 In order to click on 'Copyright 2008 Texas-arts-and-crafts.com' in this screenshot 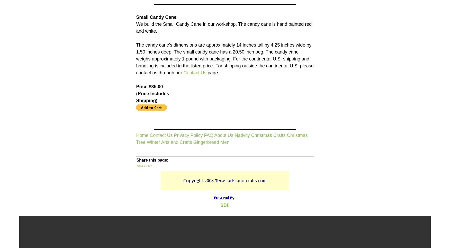, I will do `click(225, 180)`.